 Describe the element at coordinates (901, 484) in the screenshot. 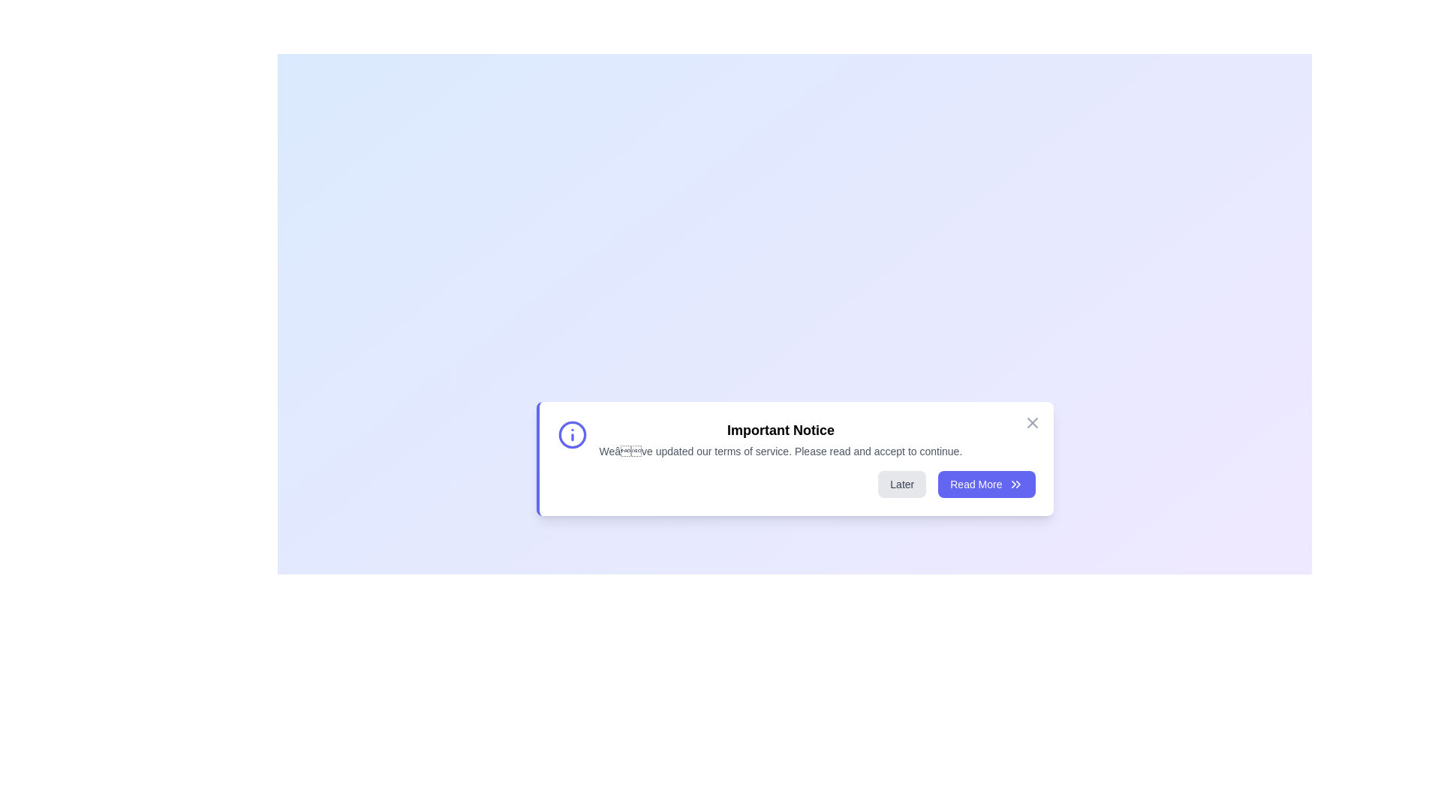

I see `'Later' button to postpone the action` at that location.